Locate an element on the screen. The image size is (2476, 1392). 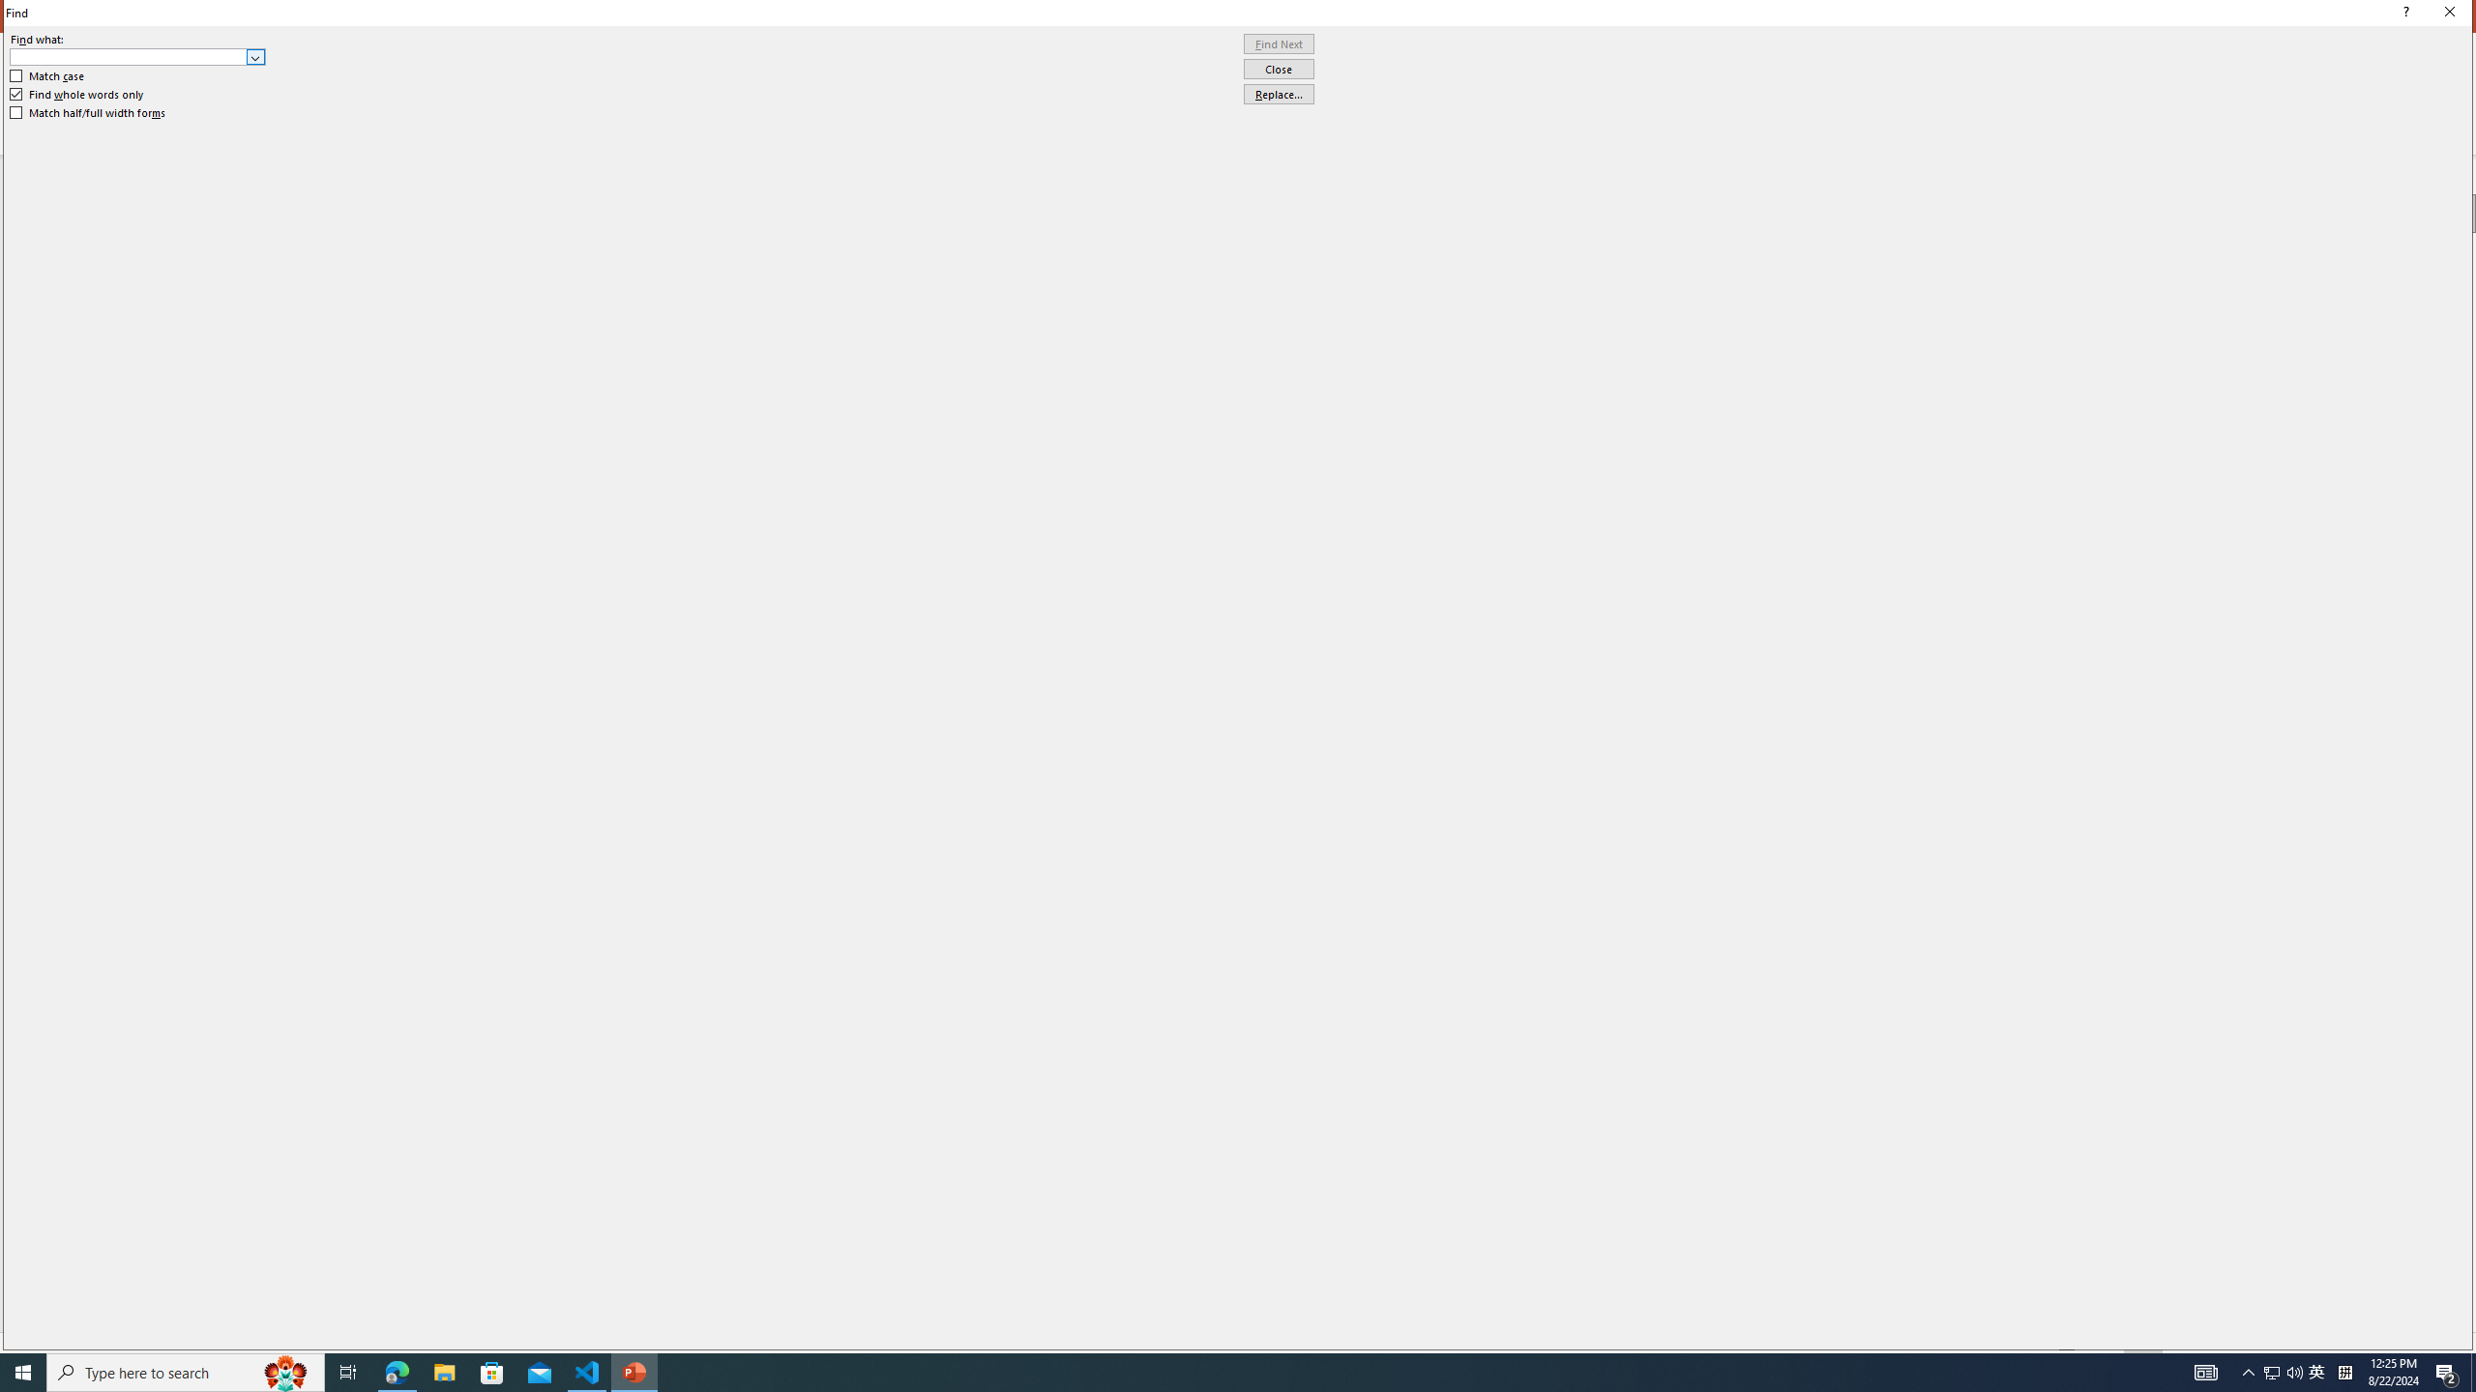
'Match case' is located at coordinates (46, 74).